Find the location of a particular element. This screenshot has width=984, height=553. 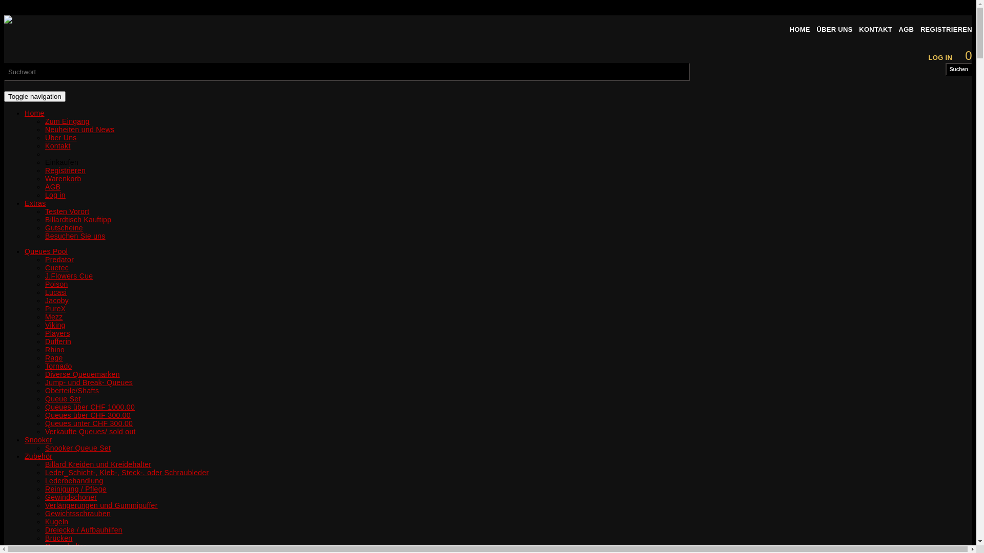

'Gewindschoner' is located at coordinates (70, 497).